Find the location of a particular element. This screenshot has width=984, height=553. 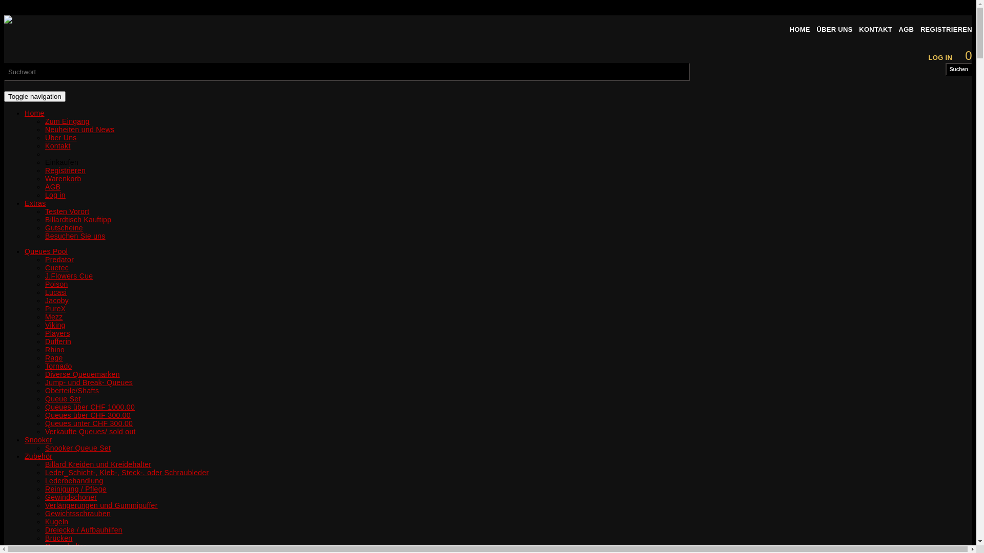

'Gewindschoner' is located at coordinates (70, 497).